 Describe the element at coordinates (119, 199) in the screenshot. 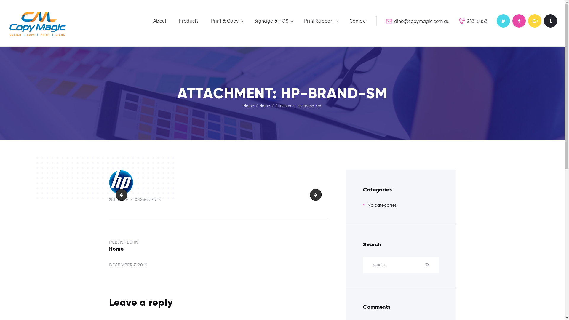

I see `'25.03.2019'` at that location.